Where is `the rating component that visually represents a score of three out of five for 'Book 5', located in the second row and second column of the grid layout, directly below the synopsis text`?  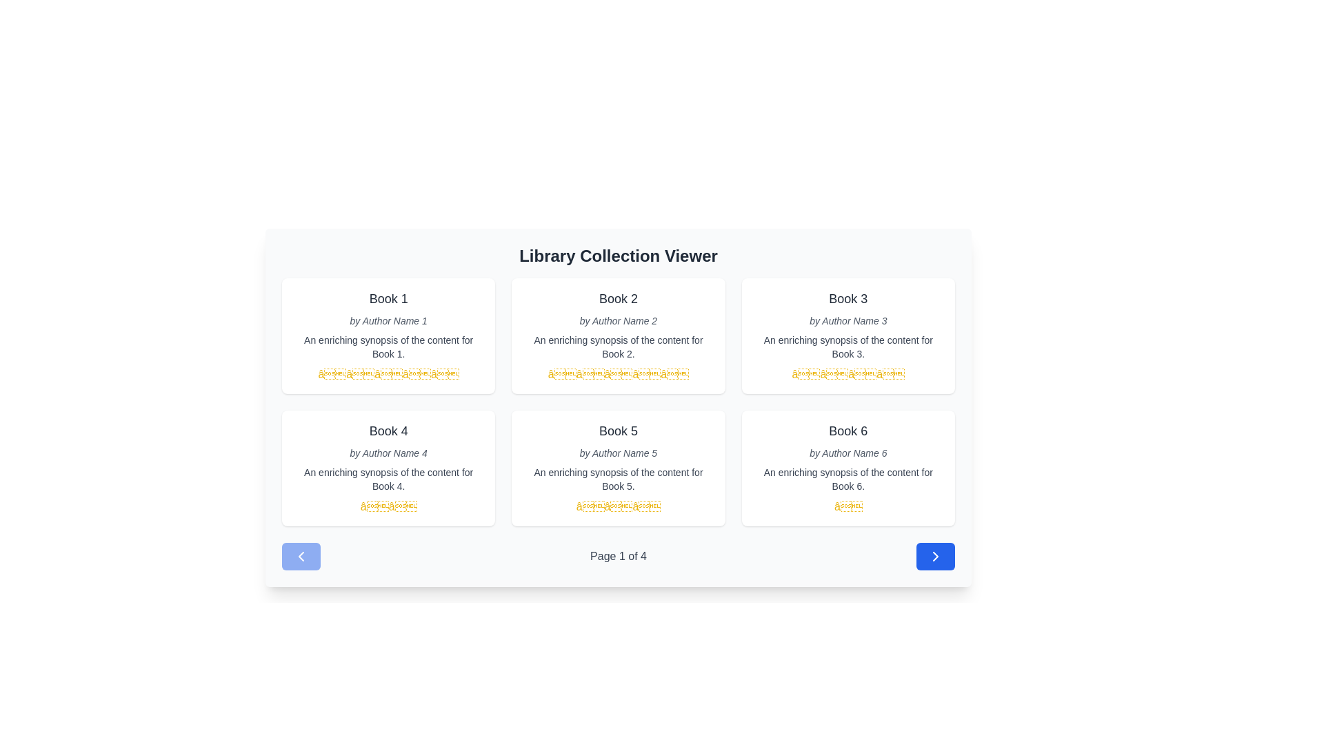
the rating component that visually represents a score of three out of five for 'Book 5', located in the second row and second column of the grid layout, directly below the synopsis text is located at coordinates (618, 507).